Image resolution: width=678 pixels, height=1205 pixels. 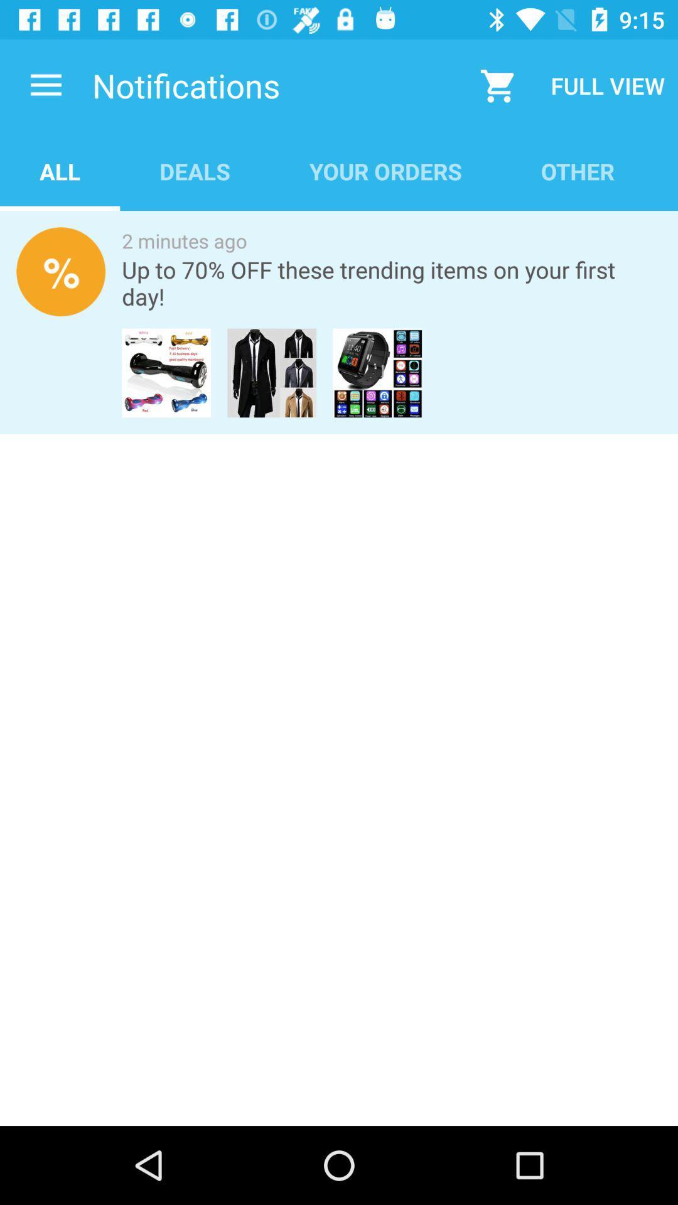 I want to click on icon below the notifications item, so click(x=385, y=171).